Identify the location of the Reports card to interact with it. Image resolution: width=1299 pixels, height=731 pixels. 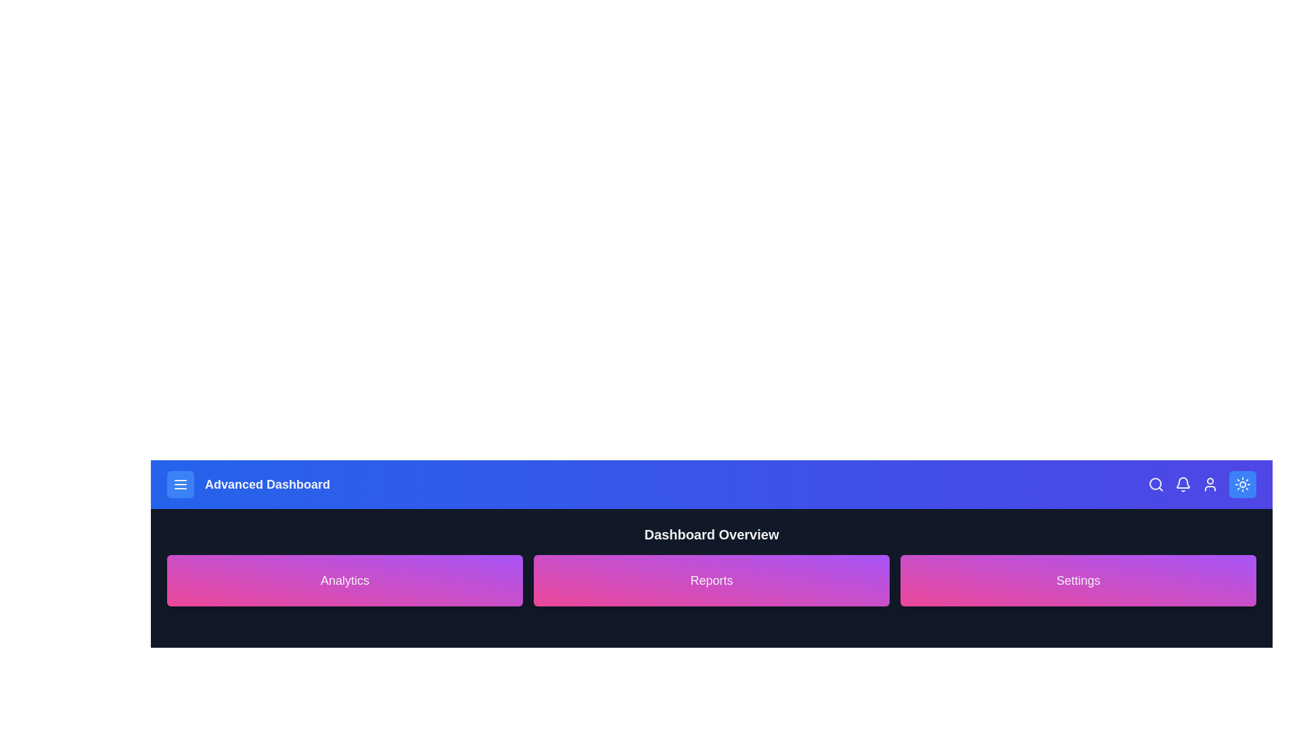
(710, 579).